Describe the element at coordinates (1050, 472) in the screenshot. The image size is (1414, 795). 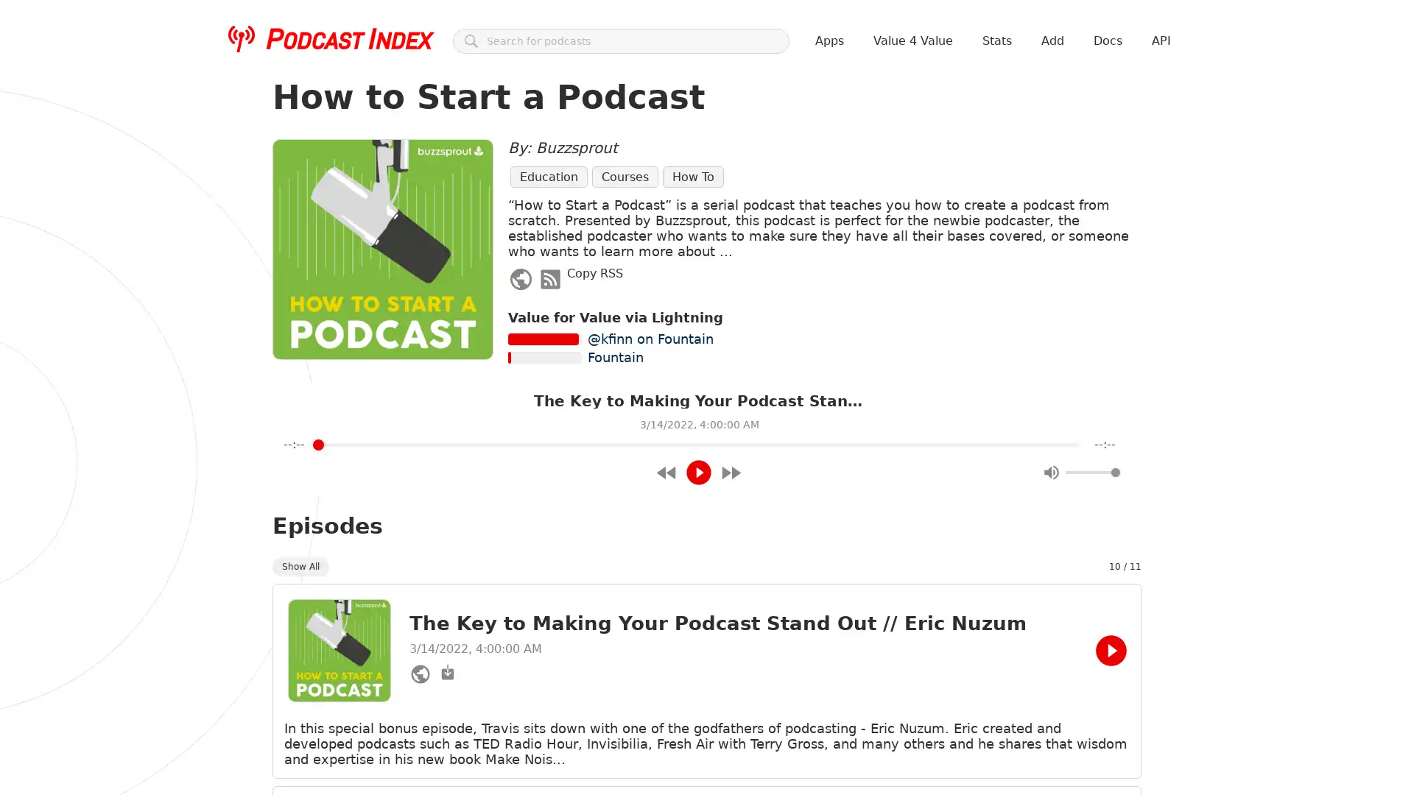
I see `Mute` at that location.